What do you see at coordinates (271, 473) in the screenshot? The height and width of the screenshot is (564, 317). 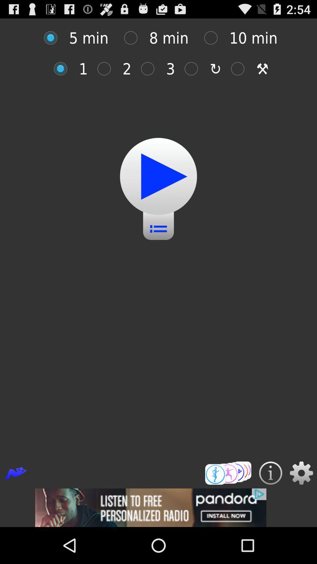 I see `details` at bounding box center [271, 473].